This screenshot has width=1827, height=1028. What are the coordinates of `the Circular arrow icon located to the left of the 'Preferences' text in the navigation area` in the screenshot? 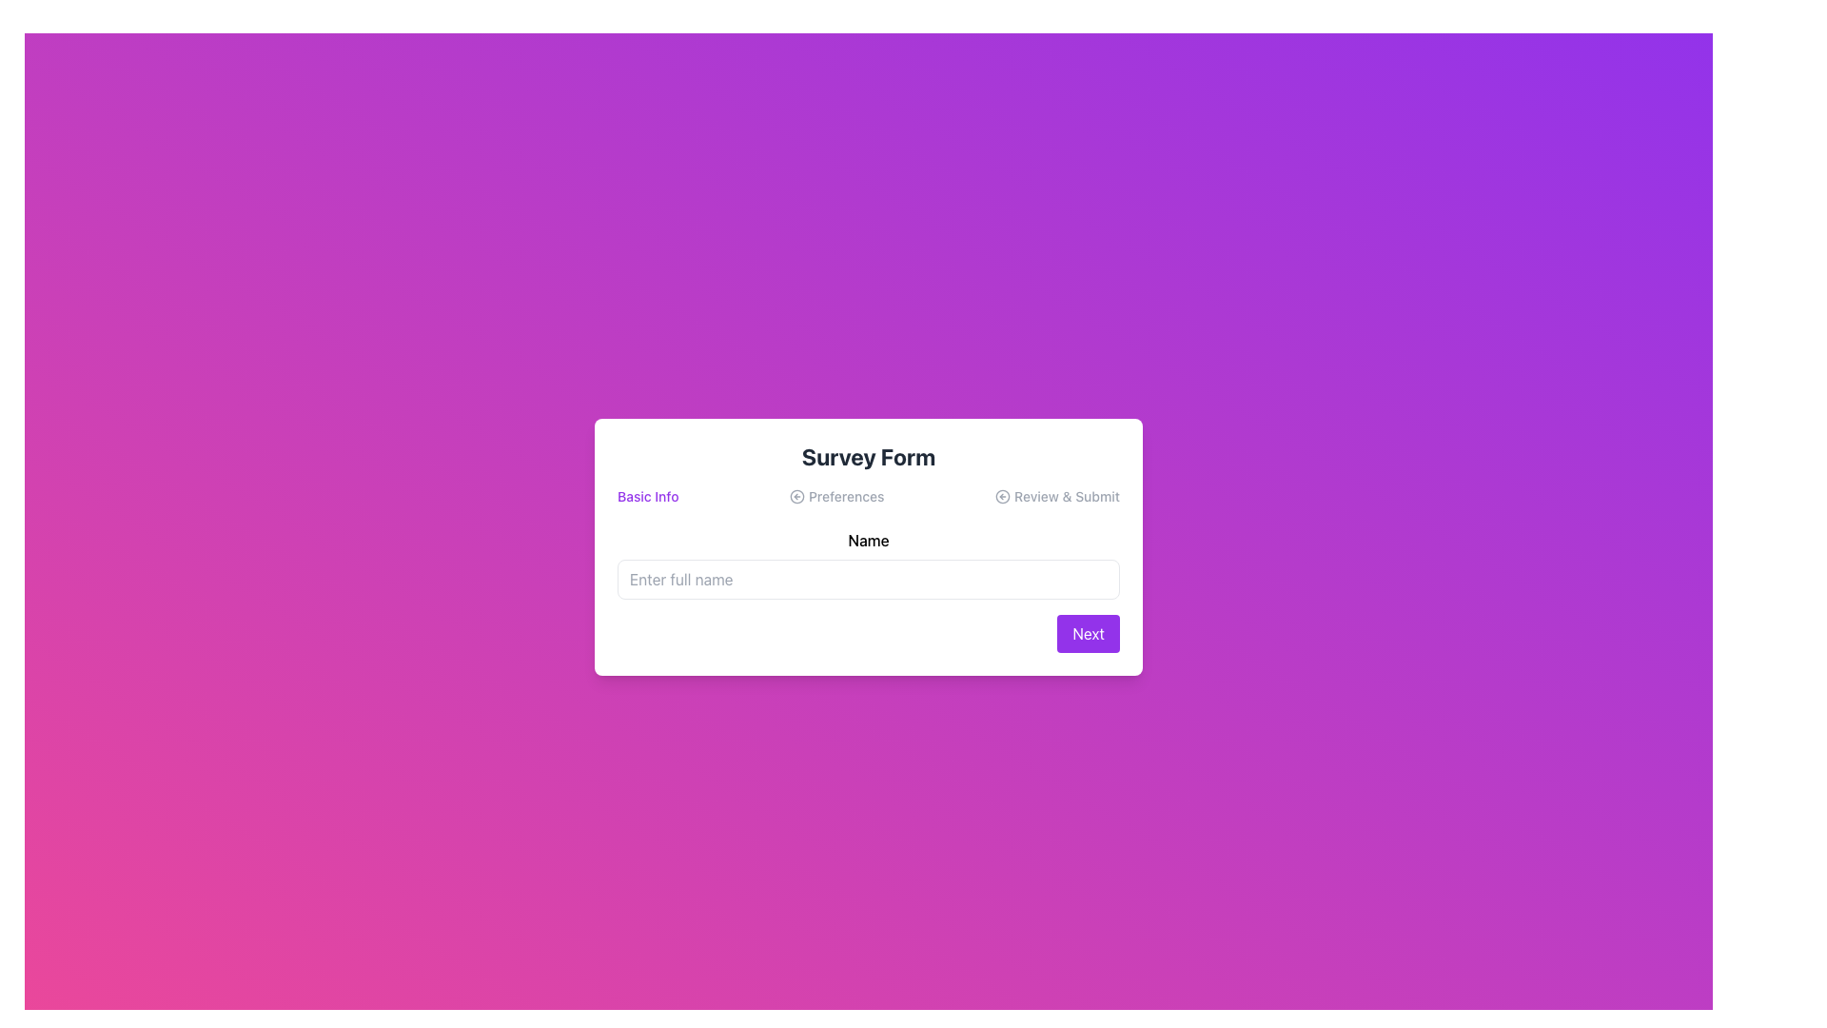 It's located at (796, 495).